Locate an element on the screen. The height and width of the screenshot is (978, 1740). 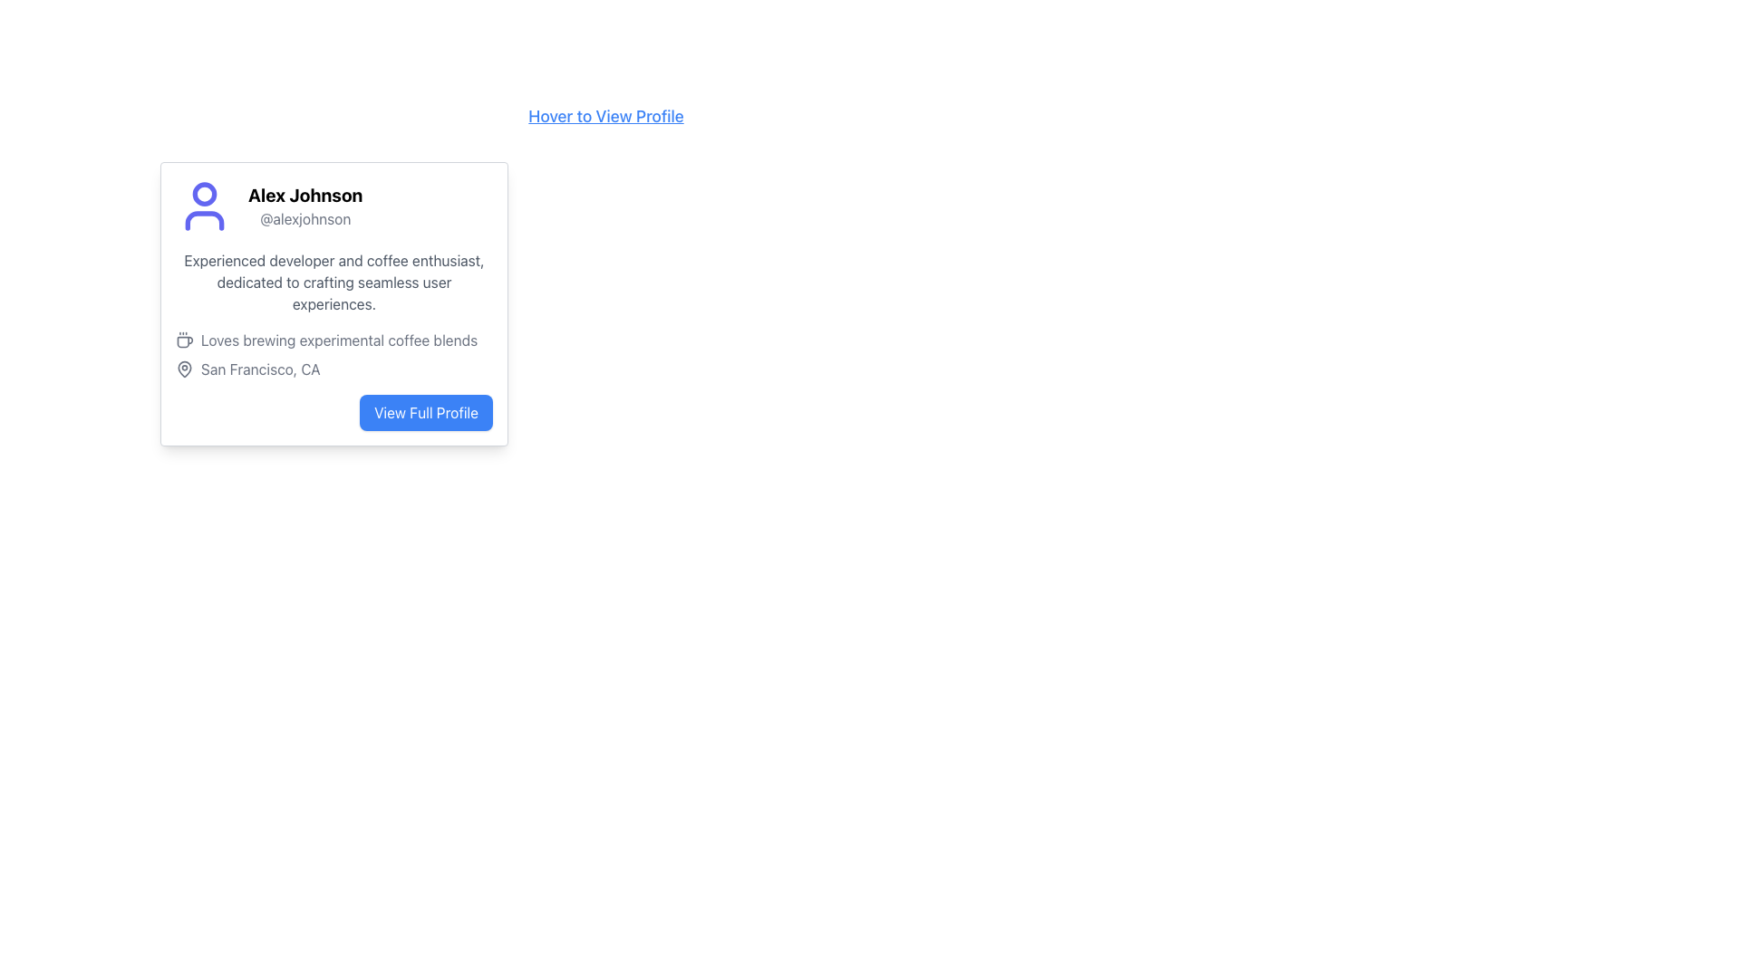
the third textual item in the content card that communicates an interest or personal characteristic, located below the biography segment and above the location line is located at coordinates (334, 340).